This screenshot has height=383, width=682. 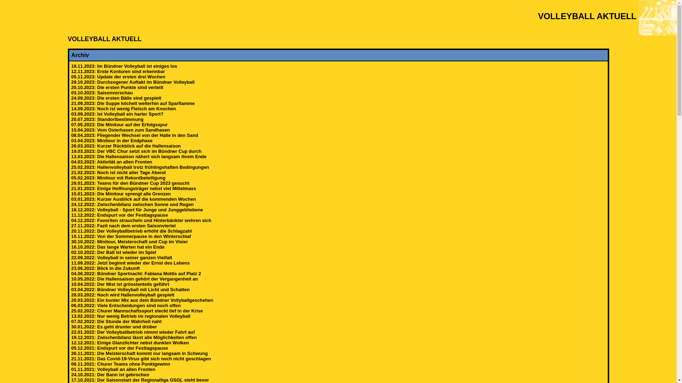 What do you see at coordinates (129, 241) in the screenshot?
I see `'30.10.2022: Minitour, Meisterschaft und Cup im Visier'` at bounding box center [129, 241].